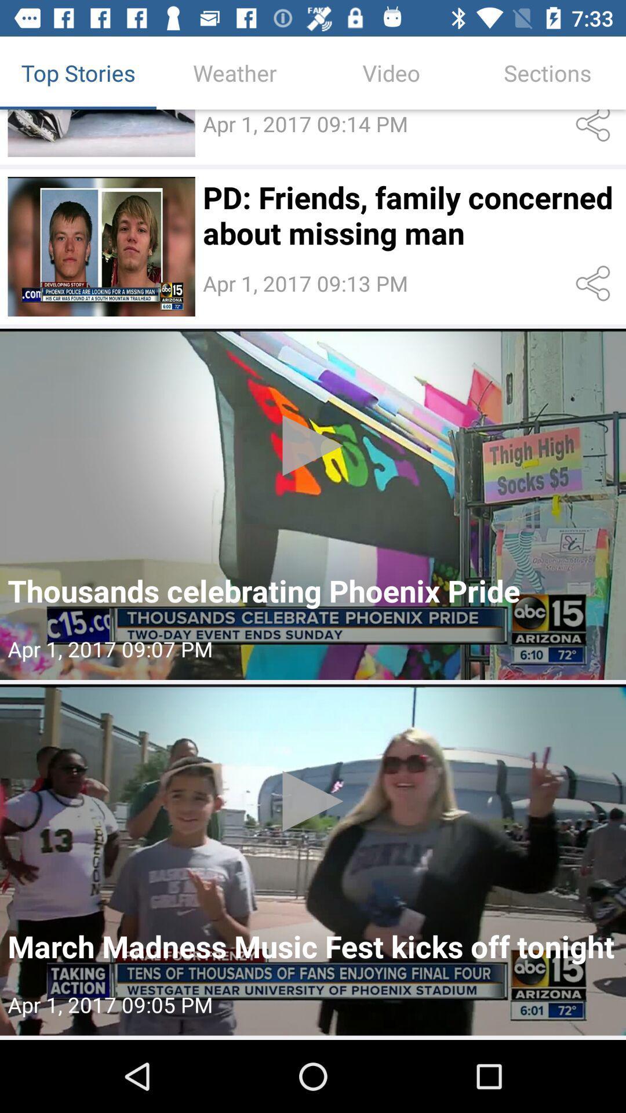  I want to click on share article, so click(595, 128).